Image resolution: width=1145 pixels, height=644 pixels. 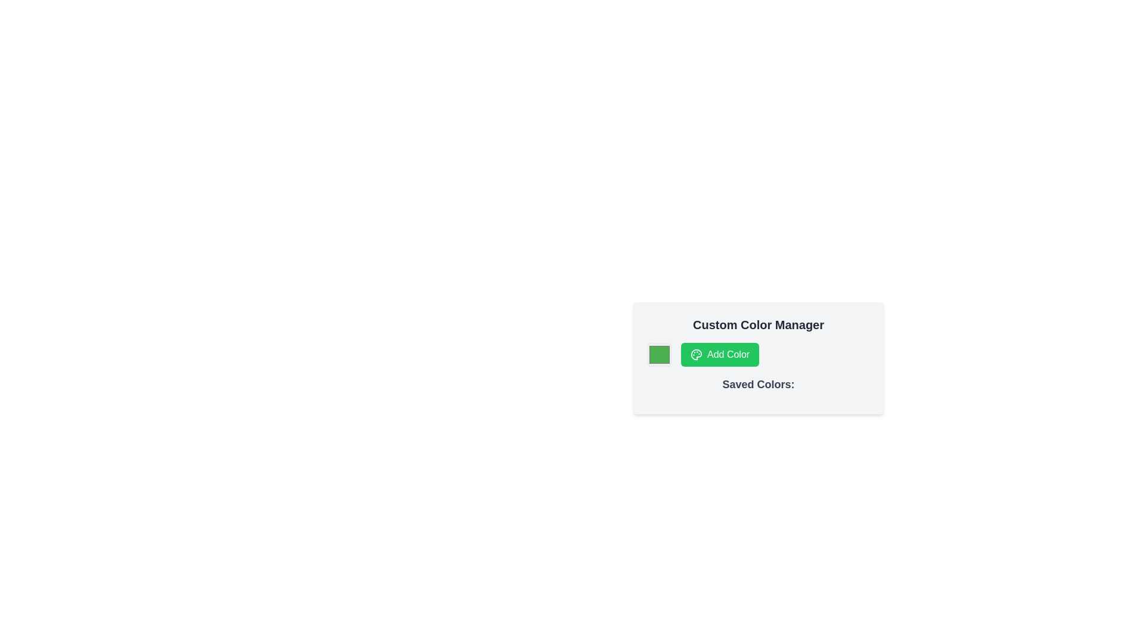 I want to click on the 'Add New Color' button located below the 'Custom Color Manager' title and to the right of the color preview box to initiate the action of adding a new color, so click(x=758, y=358).